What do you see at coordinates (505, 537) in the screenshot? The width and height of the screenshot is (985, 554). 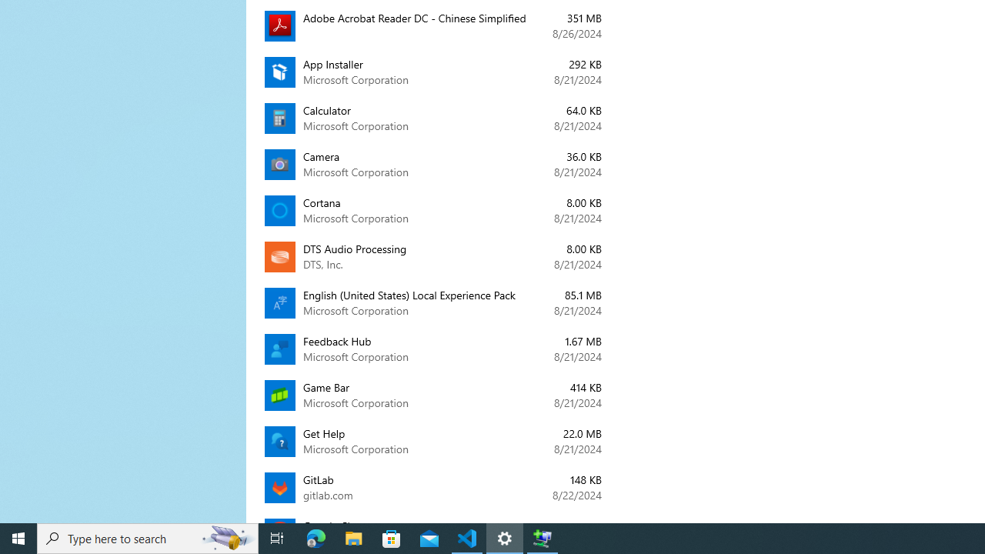 I see `'Settings - 1 running window'` at bounding box center [505, 537].